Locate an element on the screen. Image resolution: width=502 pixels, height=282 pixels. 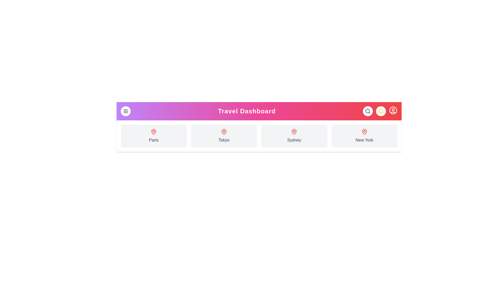
search button to trigger the search functionality is located at coordinates (367, 111).